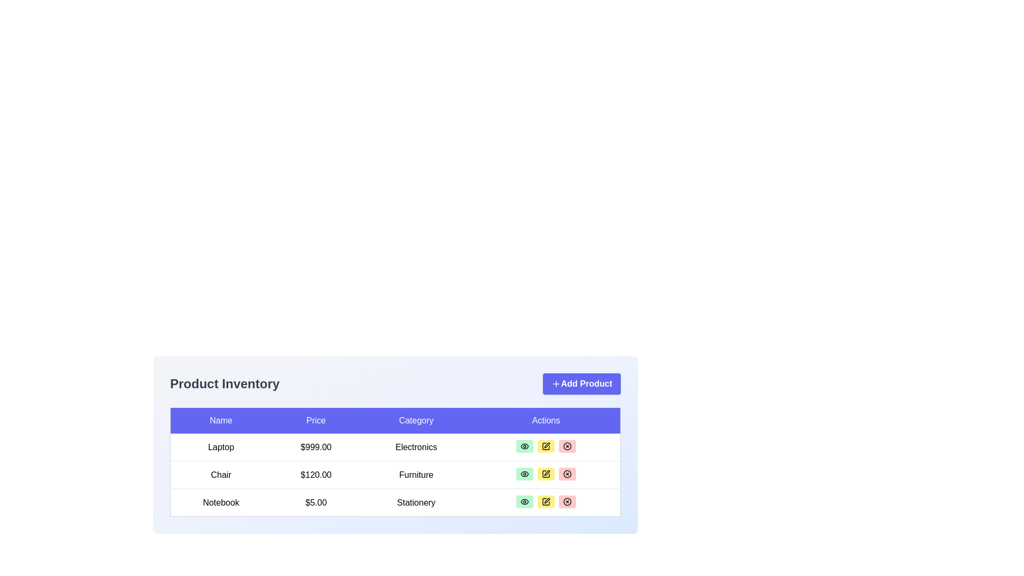 The width and height of the screenshot is (1024, 576). What do you see at coordinates (524, 446) in the screenshot?
I see `the leftmost 'view' button in the 'Actions' column for the 'Laptop' product` at bounding box center [524, 446].